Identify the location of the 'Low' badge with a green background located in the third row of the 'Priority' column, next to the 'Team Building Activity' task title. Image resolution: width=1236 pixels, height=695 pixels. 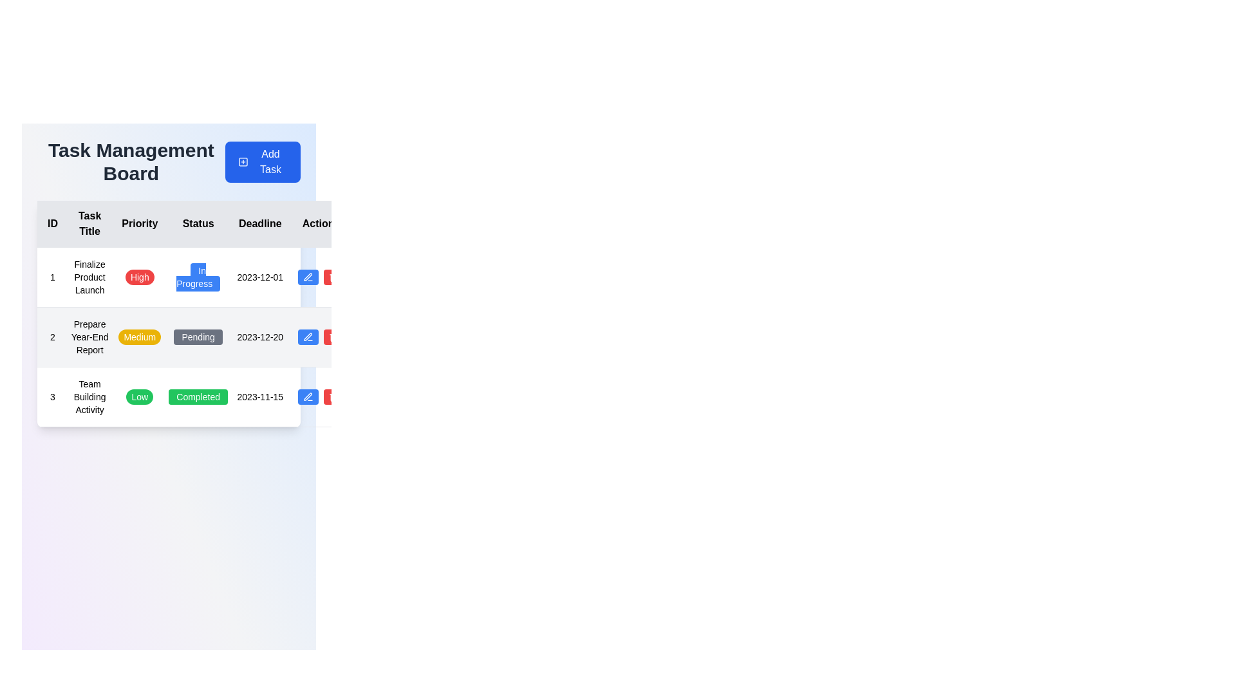
(140, 396).